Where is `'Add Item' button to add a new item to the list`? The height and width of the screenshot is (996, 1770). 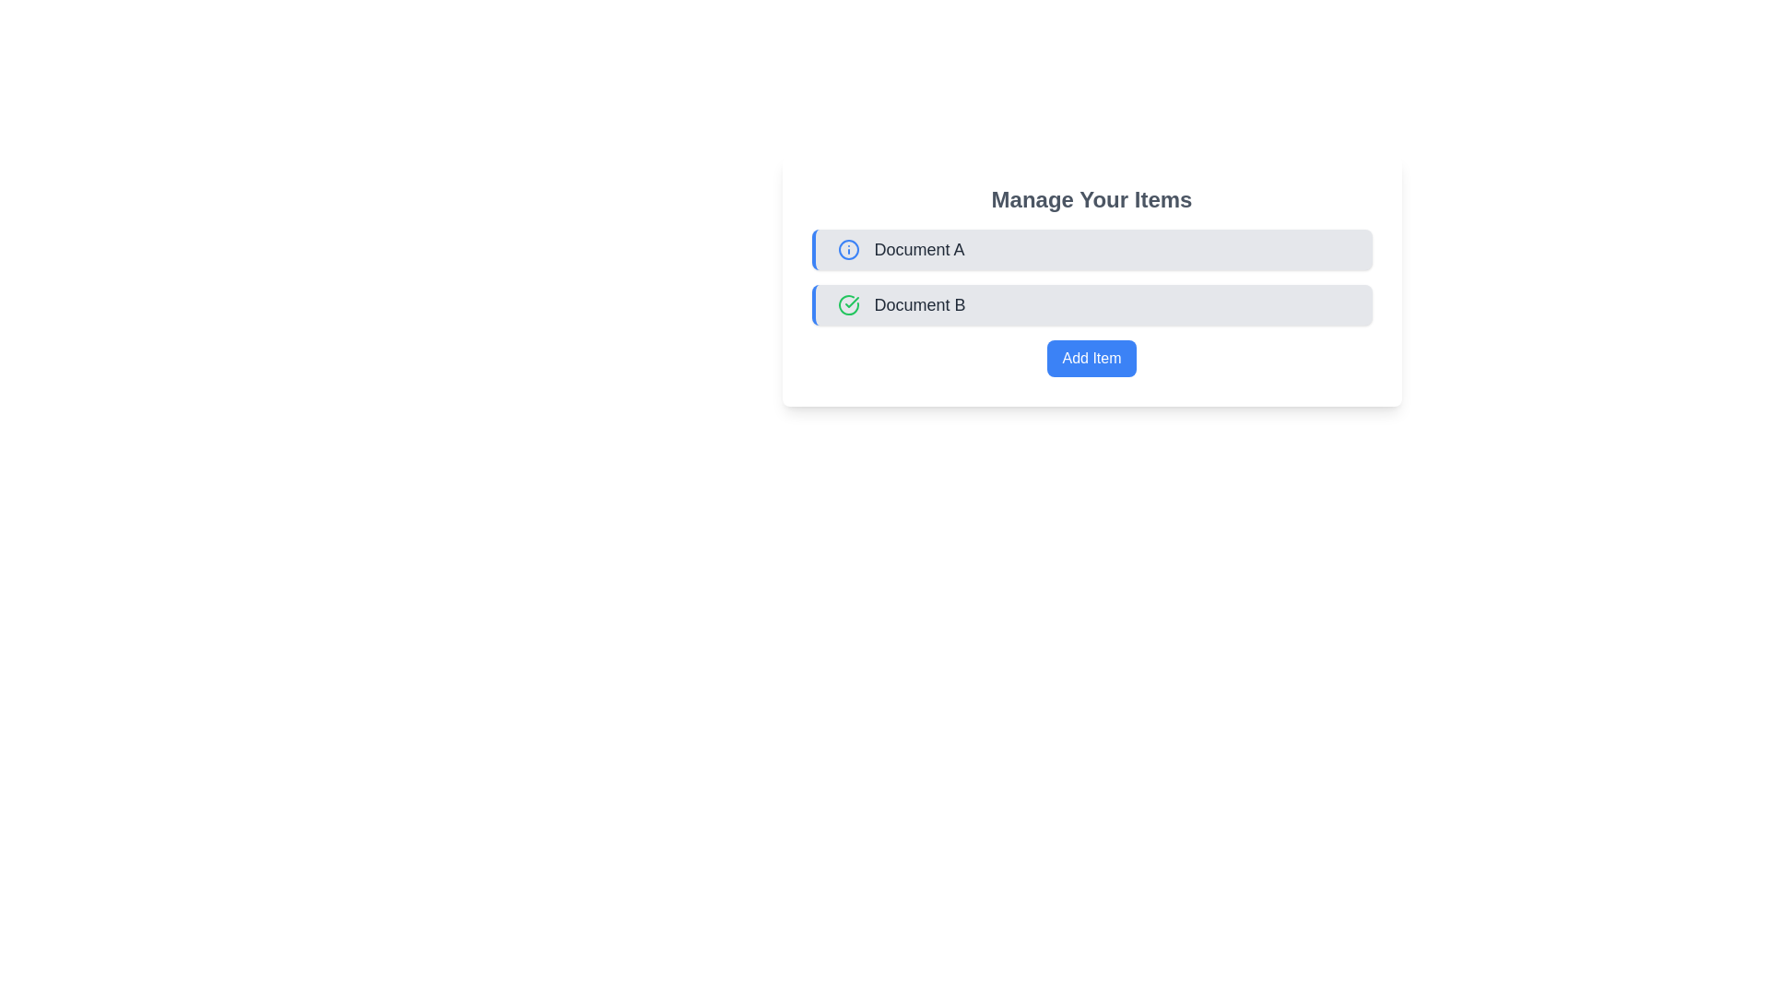
'Add Item' button to add a new item to the list is located at coordinates (1091, 359).